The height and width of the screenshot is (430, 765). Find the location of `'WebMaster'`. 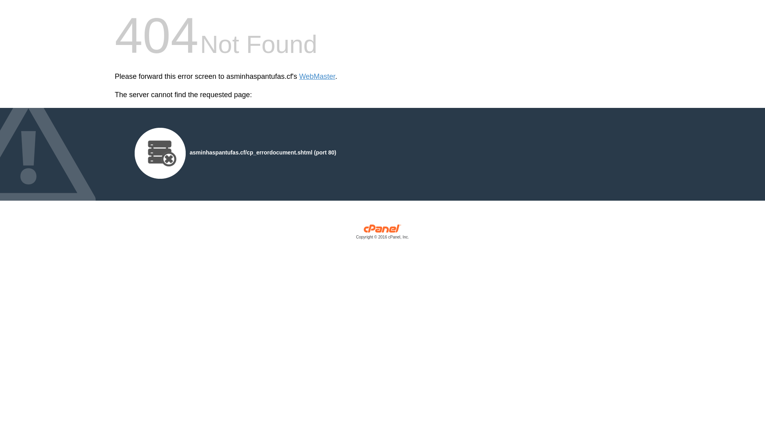

'WebMaster' is located at coordinates (298, 76).